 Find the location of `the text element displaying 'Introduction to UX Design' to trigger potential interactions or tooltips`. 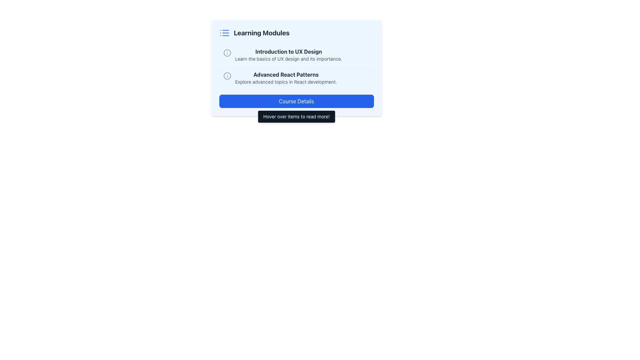

the text element displaying 'Introduction to UX Design' to trigger potential interactions or tooltips is located at coordinates (289, 55).